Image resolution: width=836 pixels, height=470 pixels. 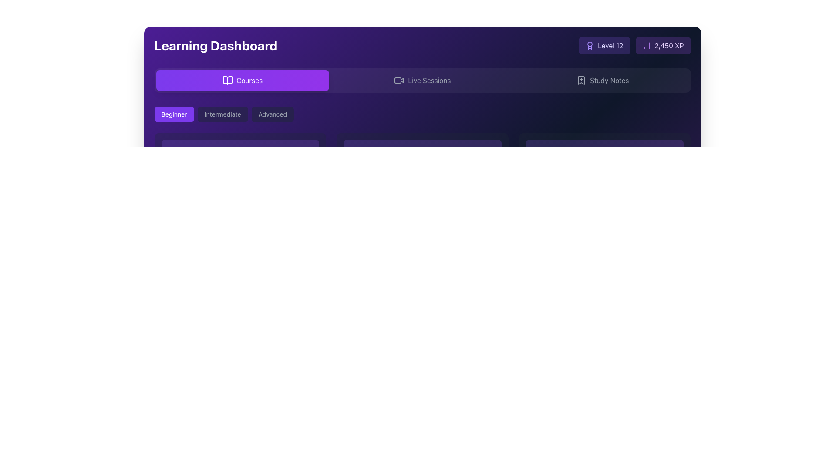 I want to click on the live sessions button located at the center of the navigation bar, positioned between the 'Courses' button on the left and the 'Study Notes' button on the right, so click(x=422, y=81).